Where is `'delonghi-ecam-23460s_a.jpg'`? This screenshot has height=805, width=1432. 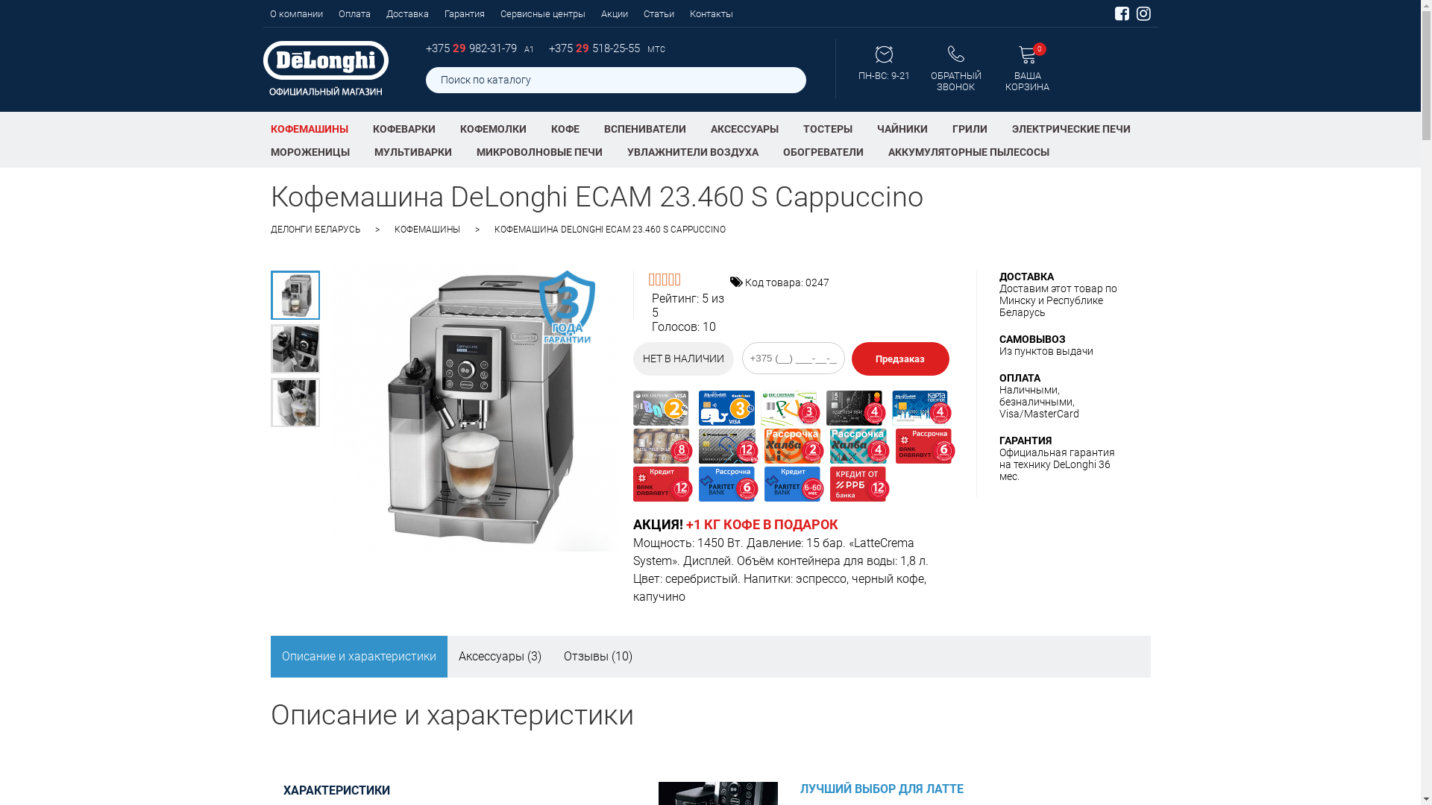 'delonghi-ecam-23460s_a.jpg' is located at coordinates (269, 295).